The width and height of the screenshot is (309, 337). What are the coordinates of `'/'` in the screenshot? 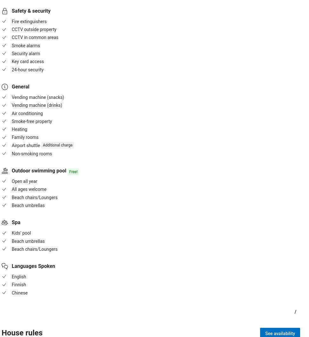 It's located at (295, 311).